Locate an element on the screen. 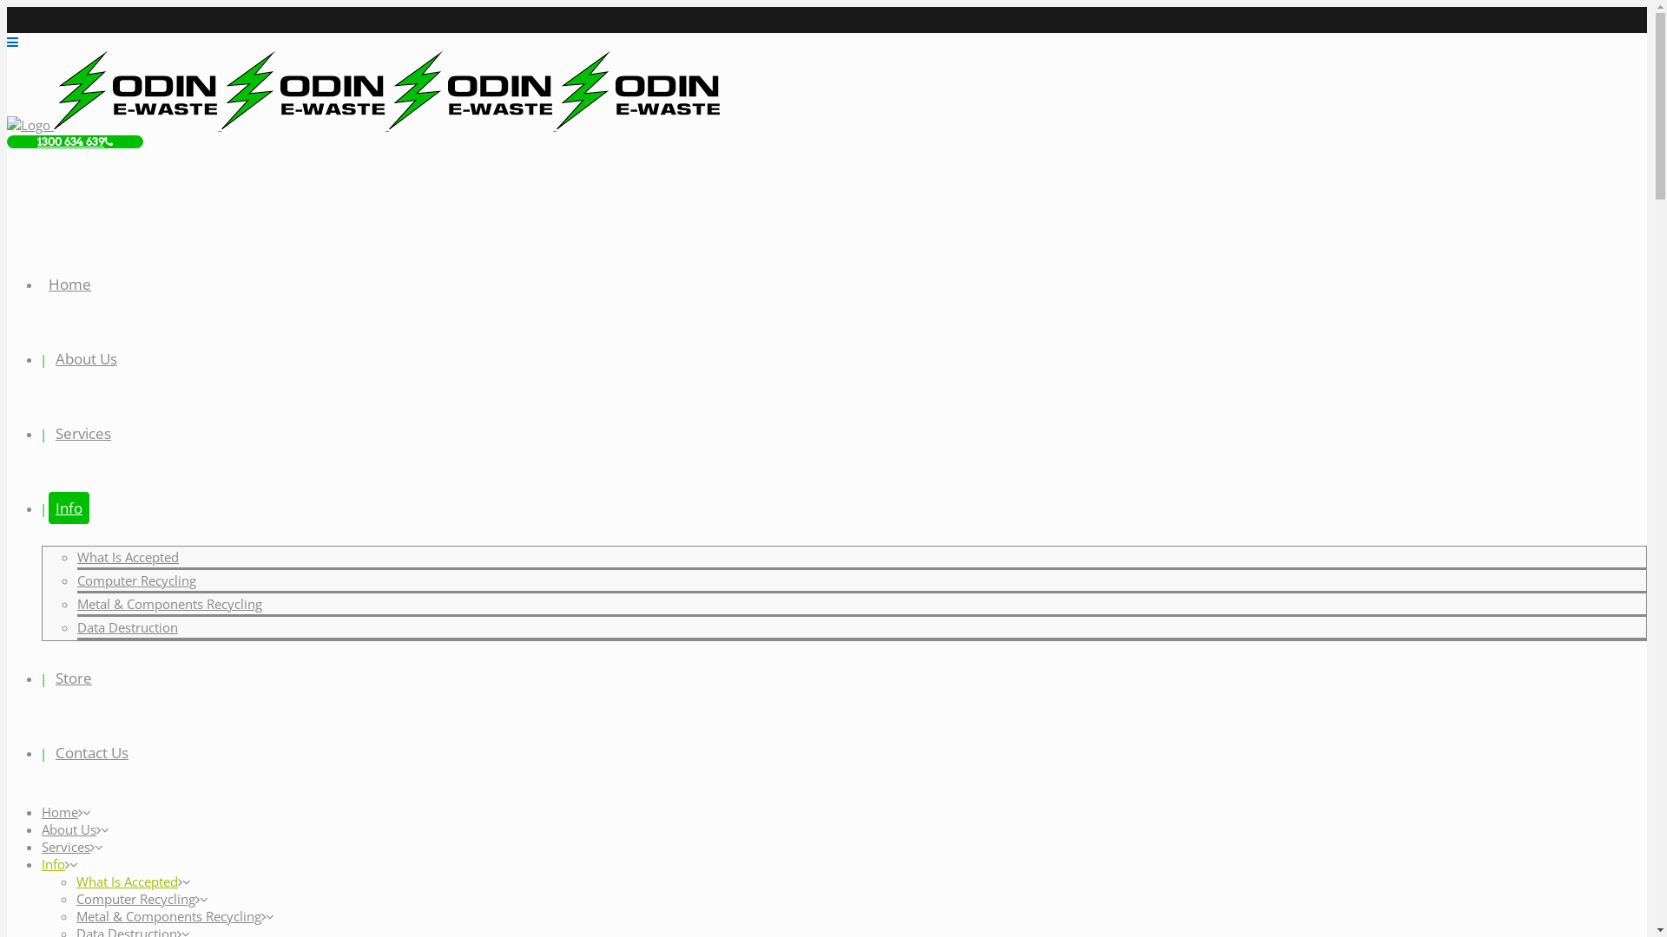  'Info' is located at coordinates (69, 508).